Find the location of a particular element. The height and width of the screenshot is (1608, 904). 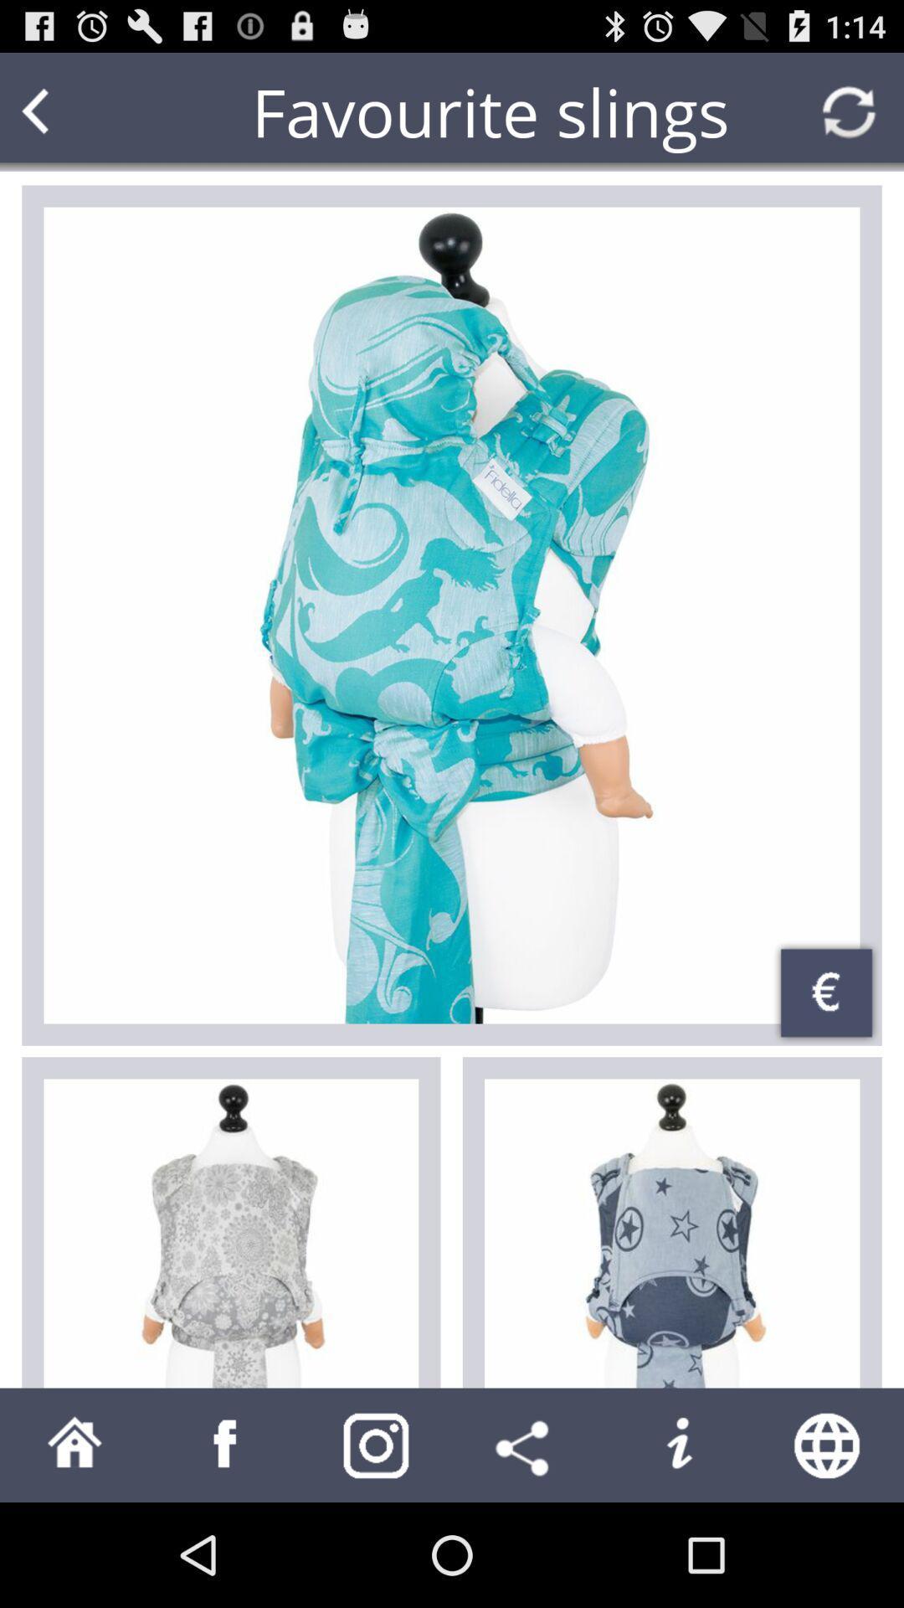

the globe icon is located at coordinates (829, 1546).